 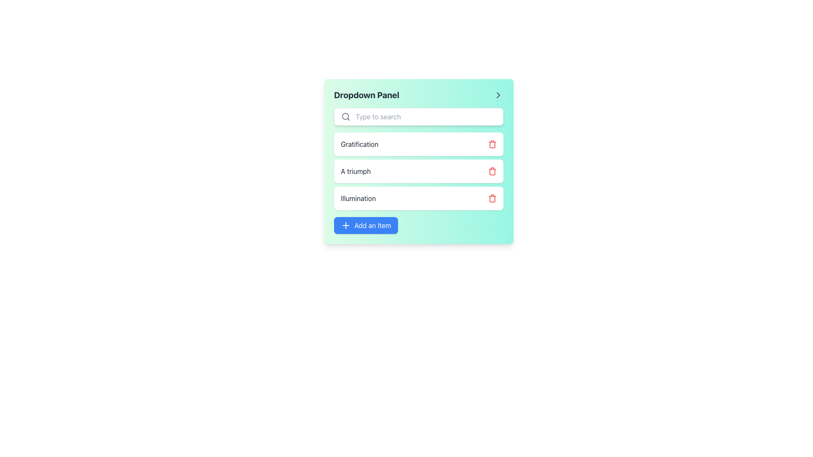 What do you see at coordinates (346, 225) in the screenshot?
I see `the button labeled 'Add an Item' that contains the plus sign '+' icon, which is centrally placed within the button, to interact with the icon` at bounding box center [346, 225].